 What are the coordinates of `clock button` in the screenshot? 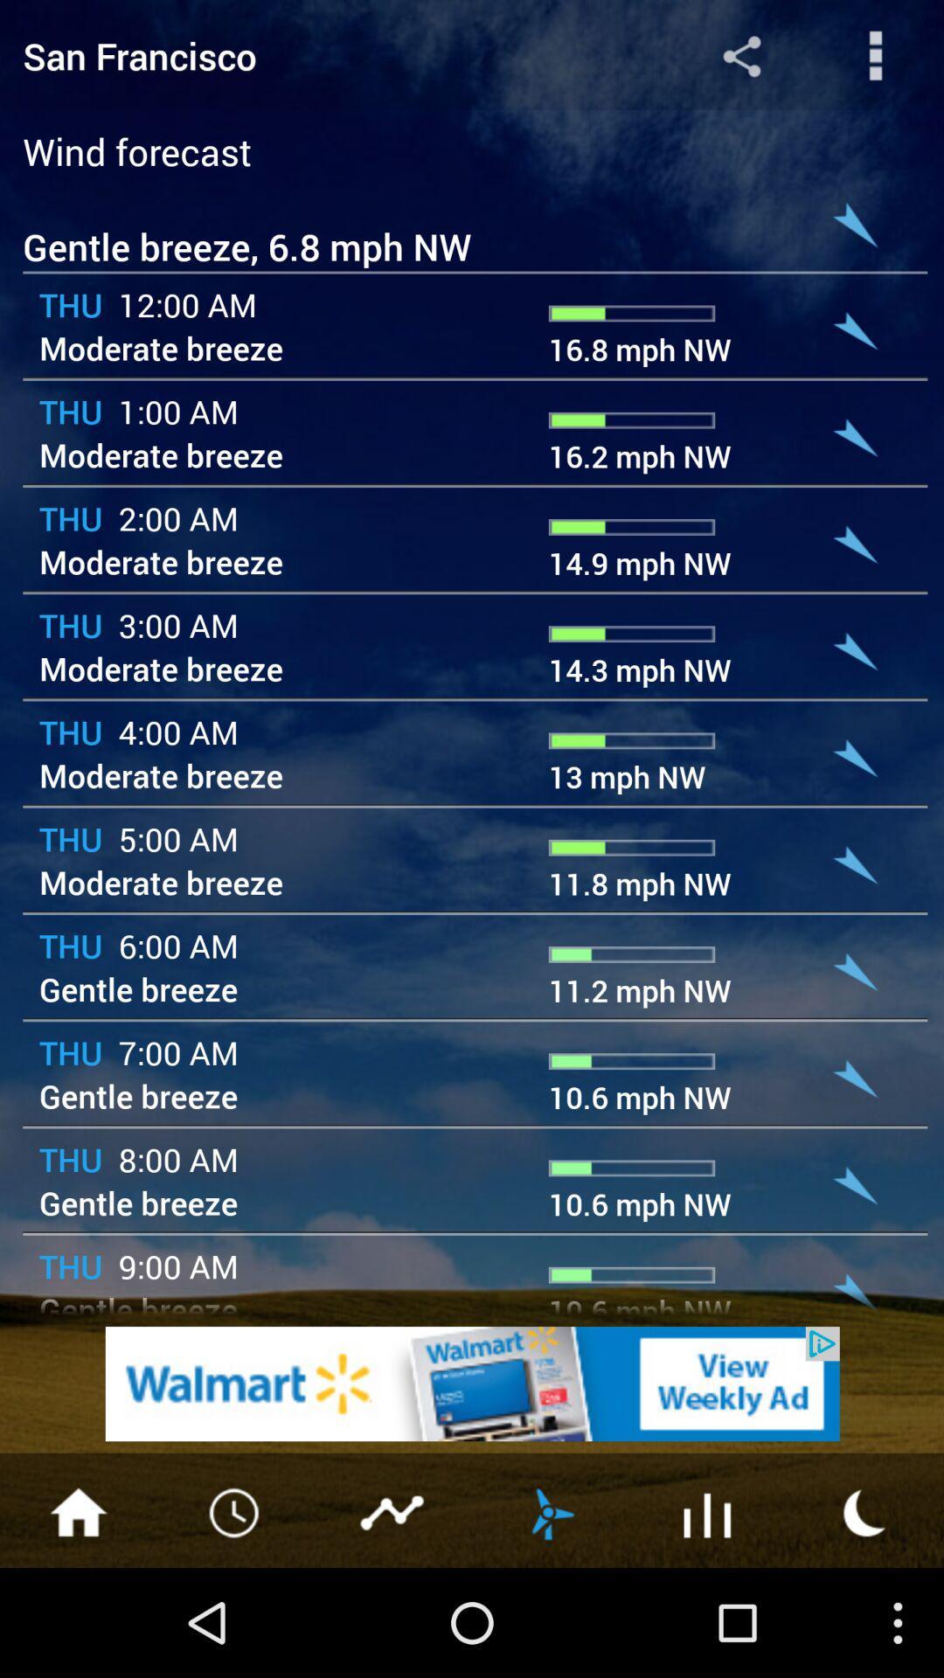 It's located at (236, 1510).